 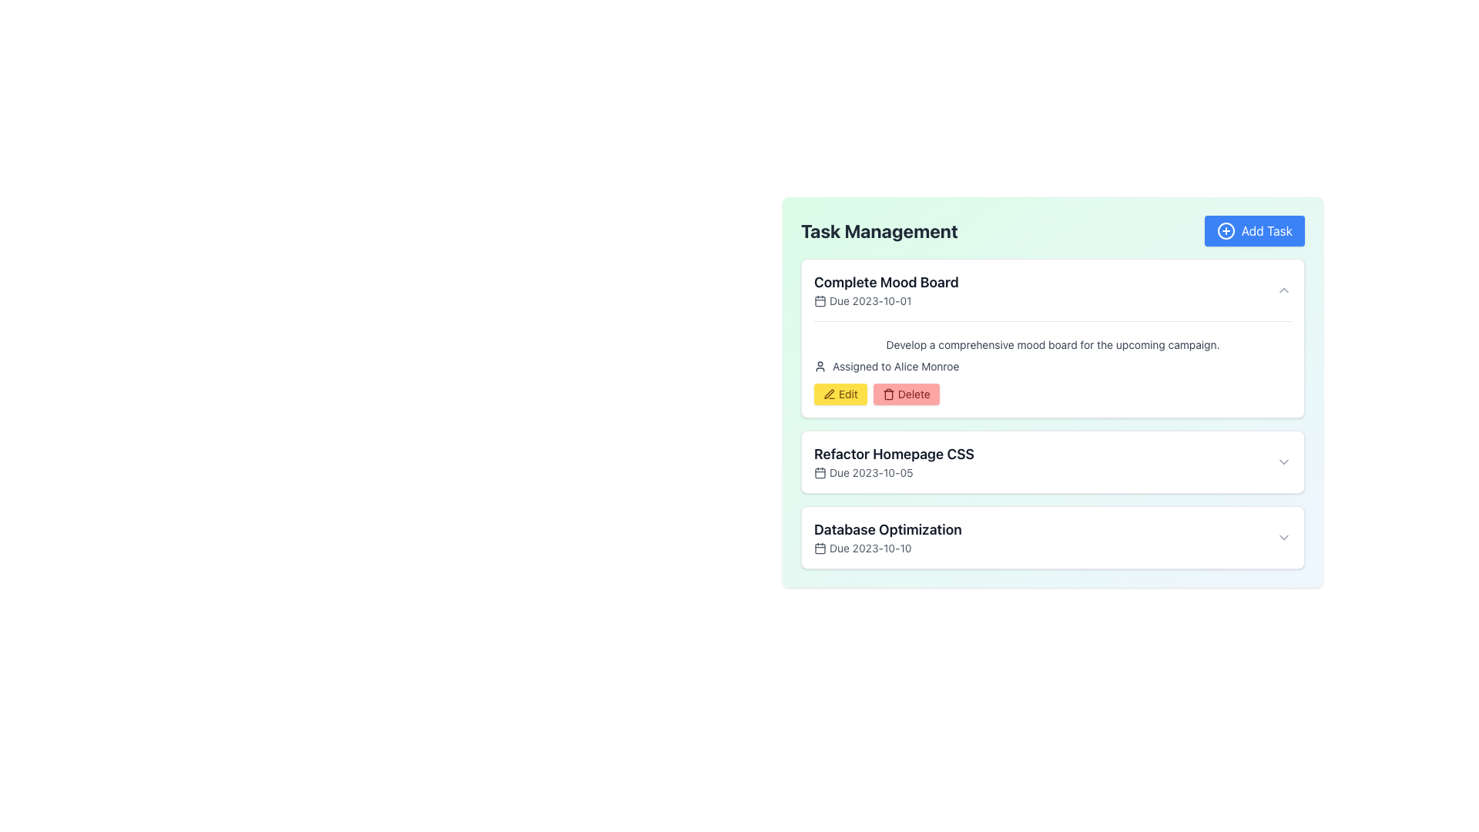 What do you see at coordinates (894, 461) in the screenshot?
I see `the Descriptive Task Entry located under the 'Task Management' header, which is the second task in the list providing details for task tracking` at bounding box center [894, 461].